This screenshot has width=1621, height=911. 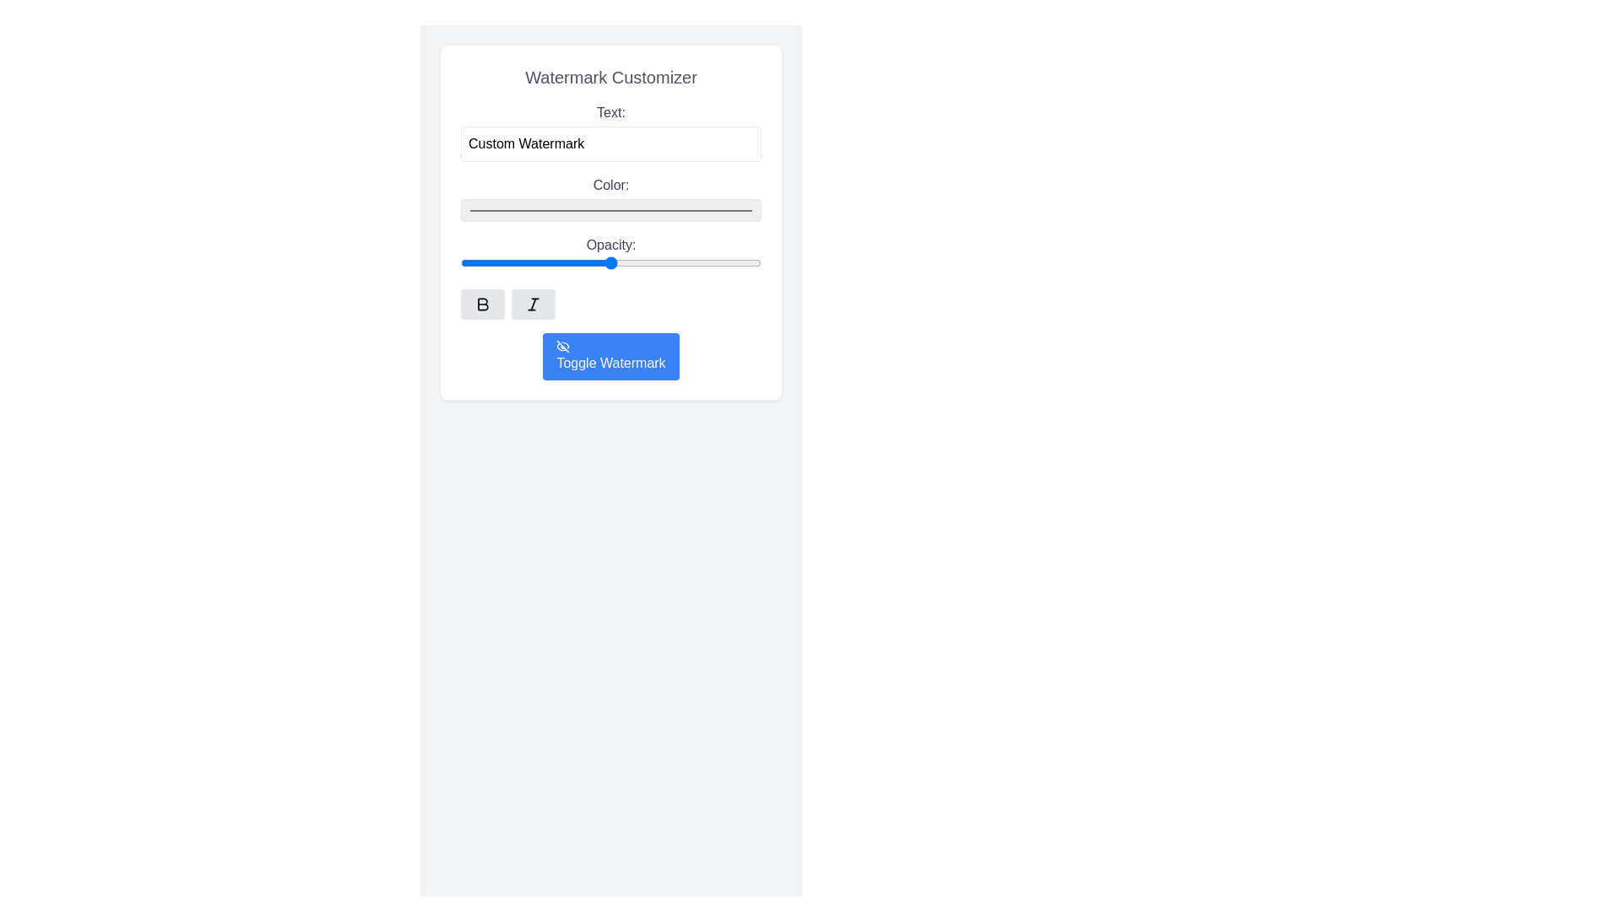 What do you see at coordinates (610, 209) in the screenshot?
I see `and drop a color value into the color input field located beneath the 'Color:' label in the layout` at bounding box center [610, 209].